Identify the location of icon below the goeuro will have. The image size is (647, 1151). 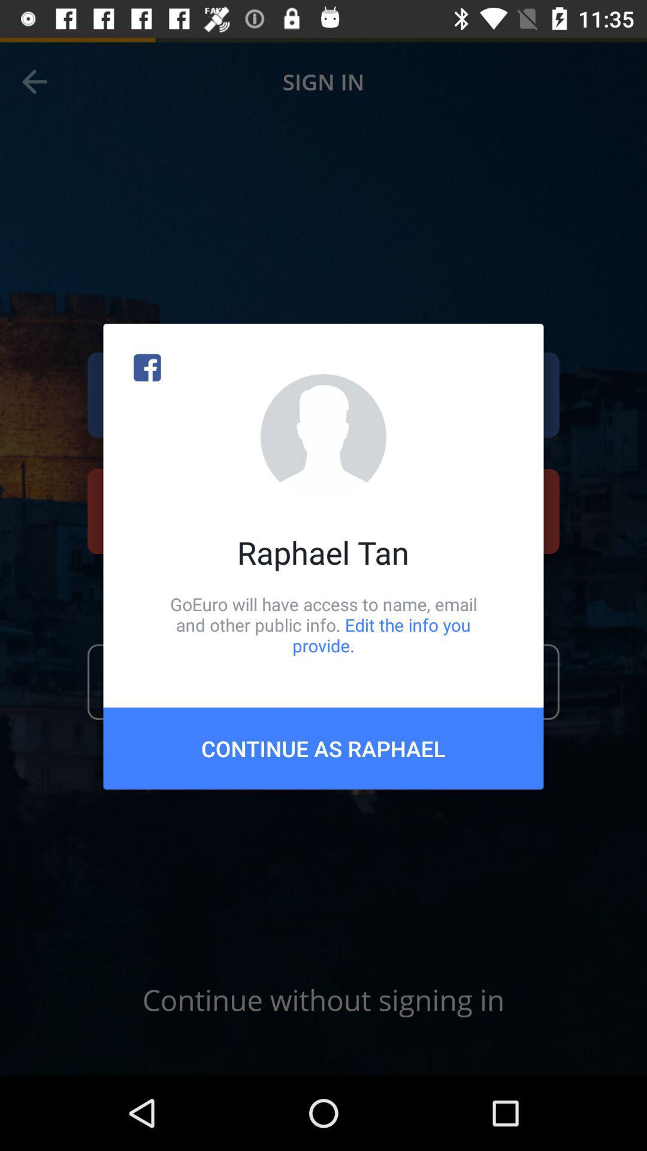
(323, 748).